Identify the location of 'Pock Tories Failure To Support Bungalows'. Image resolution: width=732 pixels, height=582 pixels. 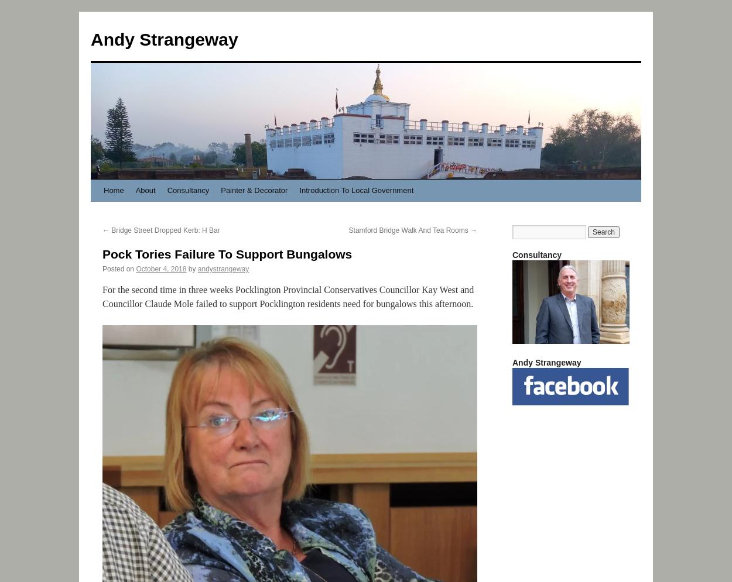
(227, 253).